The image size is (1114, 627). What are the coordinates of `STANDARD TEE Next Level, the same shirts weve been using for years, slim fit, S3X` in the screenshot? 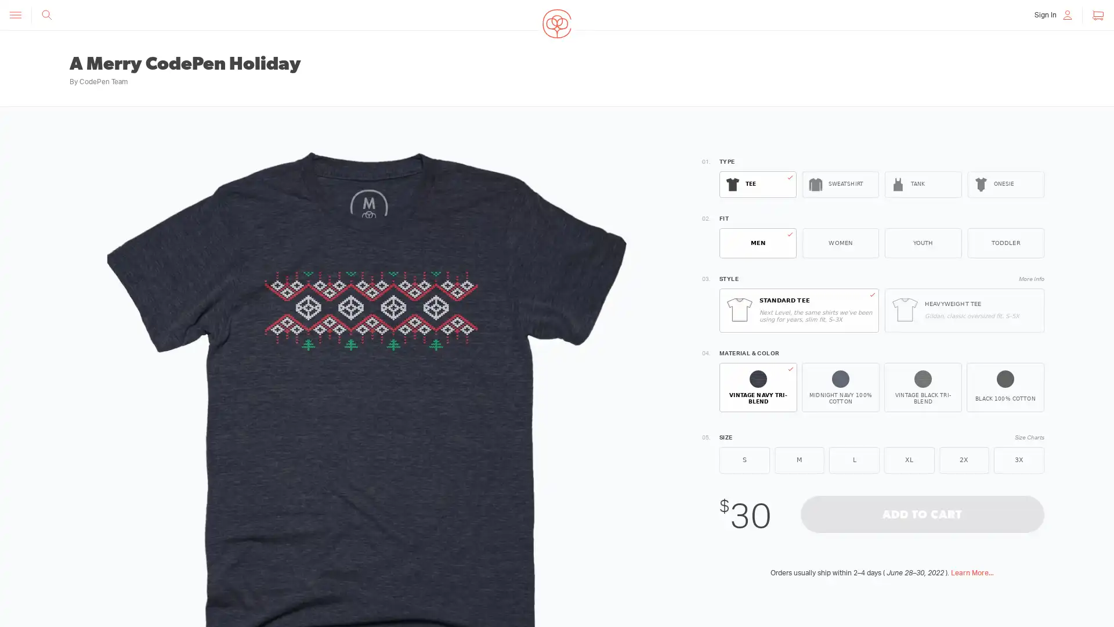 It's located at (798, 310).